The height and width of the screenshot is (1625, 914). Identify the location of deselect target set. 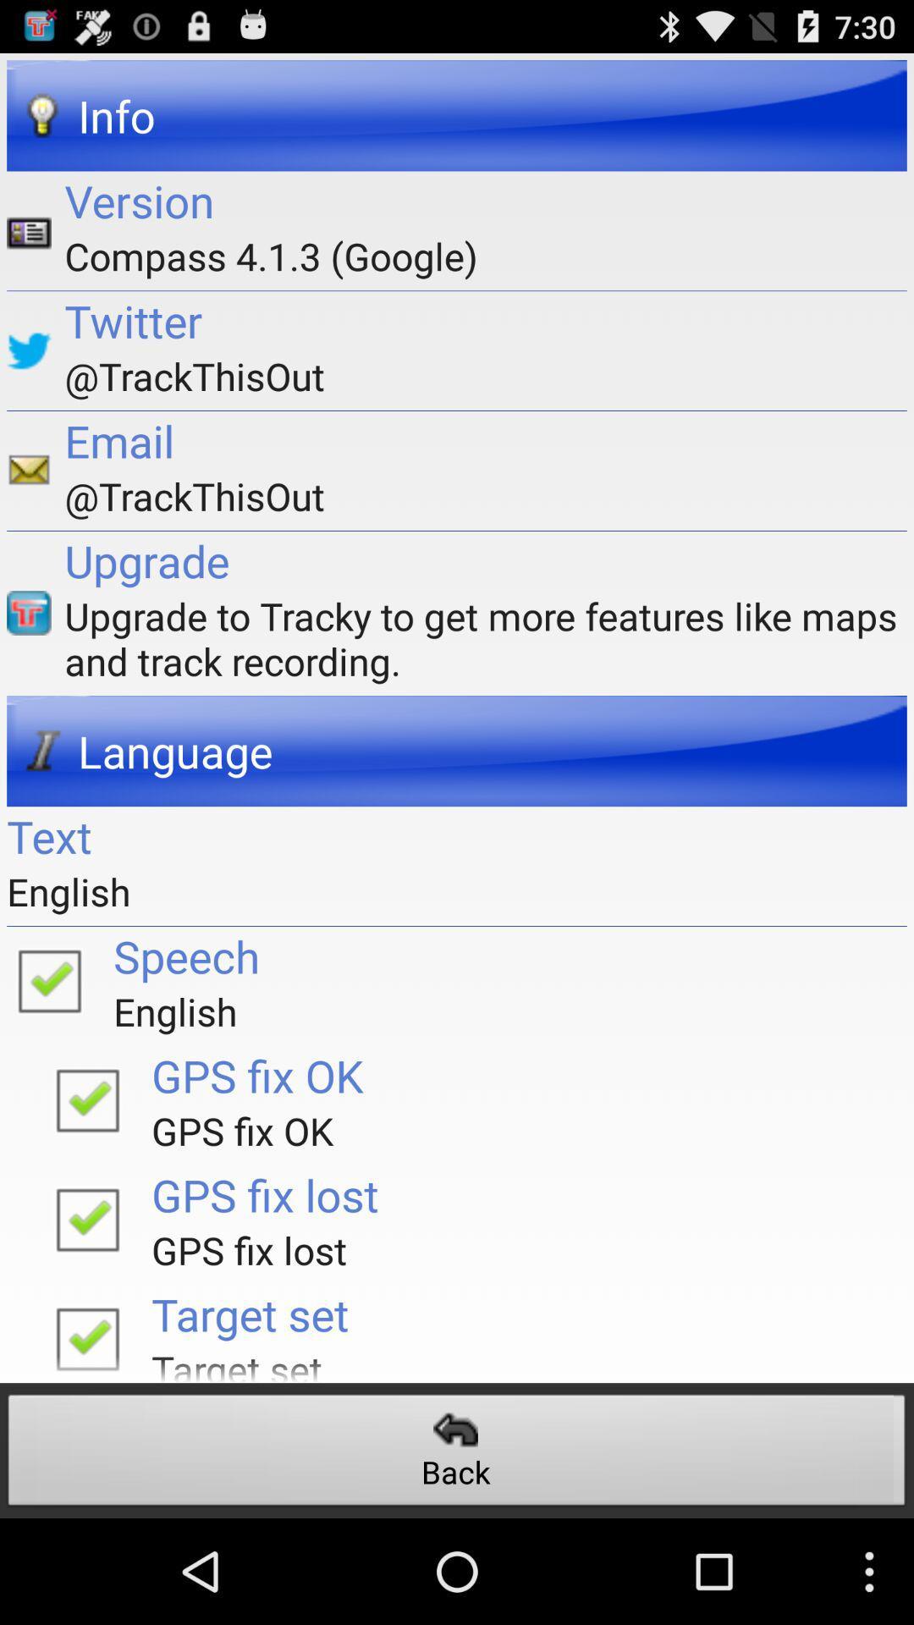
(87, 1333).